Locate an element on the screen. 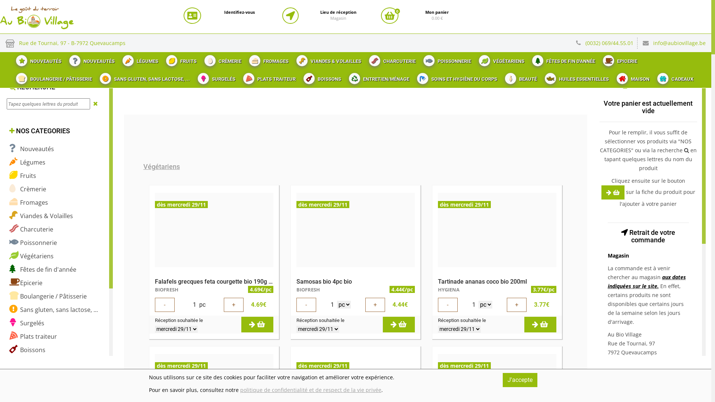 The image size is (715, 402). 'Boissons' is located at coordinates (27, 350).